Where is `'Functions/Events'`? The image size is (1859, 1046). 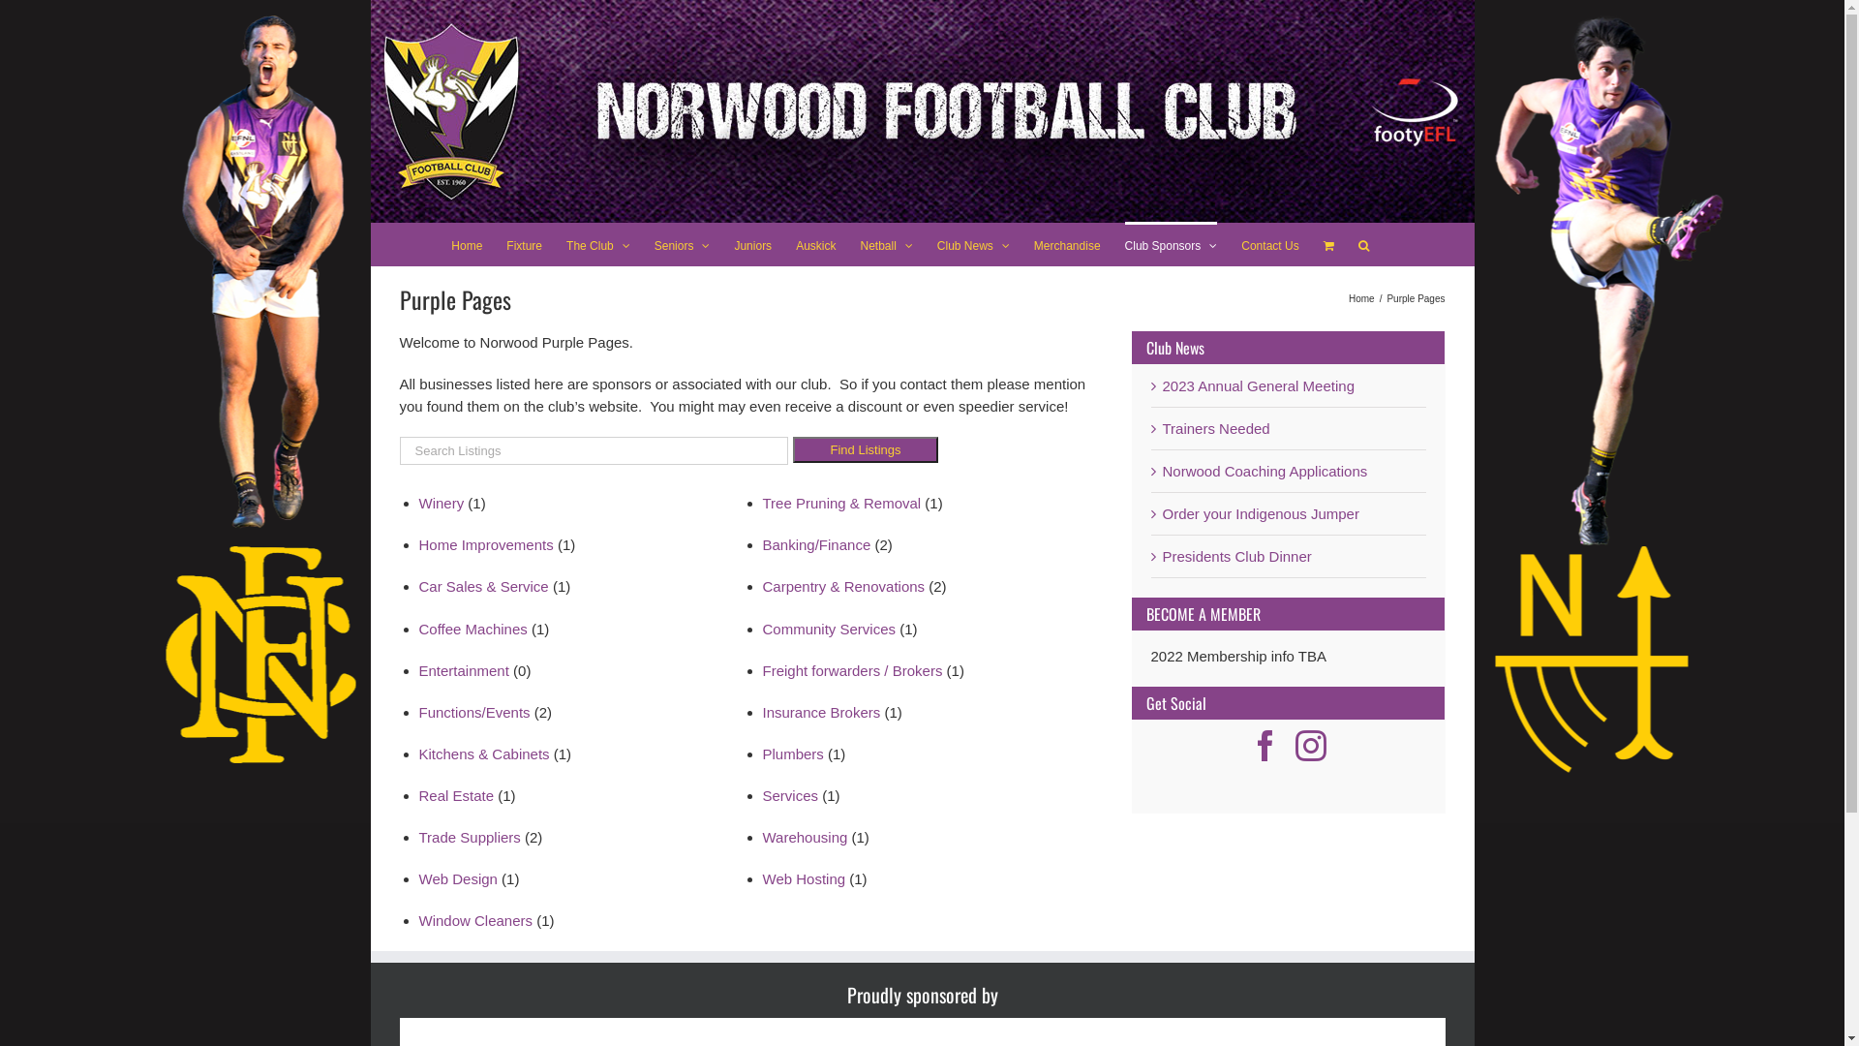
'Functions/Events' is located at coordinates (417, 712).